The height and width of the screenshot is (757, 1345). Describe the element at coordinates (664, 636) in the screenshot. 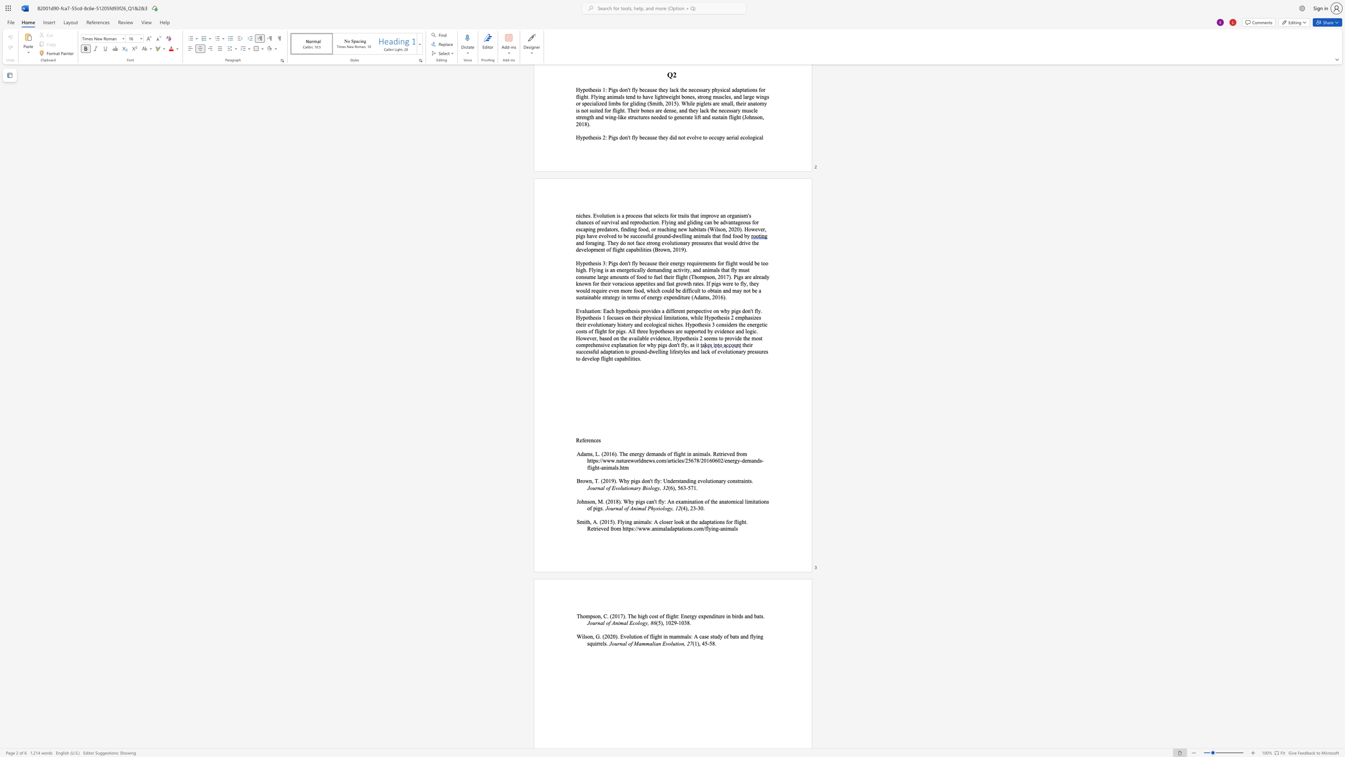

I see `the subset text "n mammals:" within the text "Wilson, G. (2020). Evolution of flight in mammals: A case study of bats"` at that location.